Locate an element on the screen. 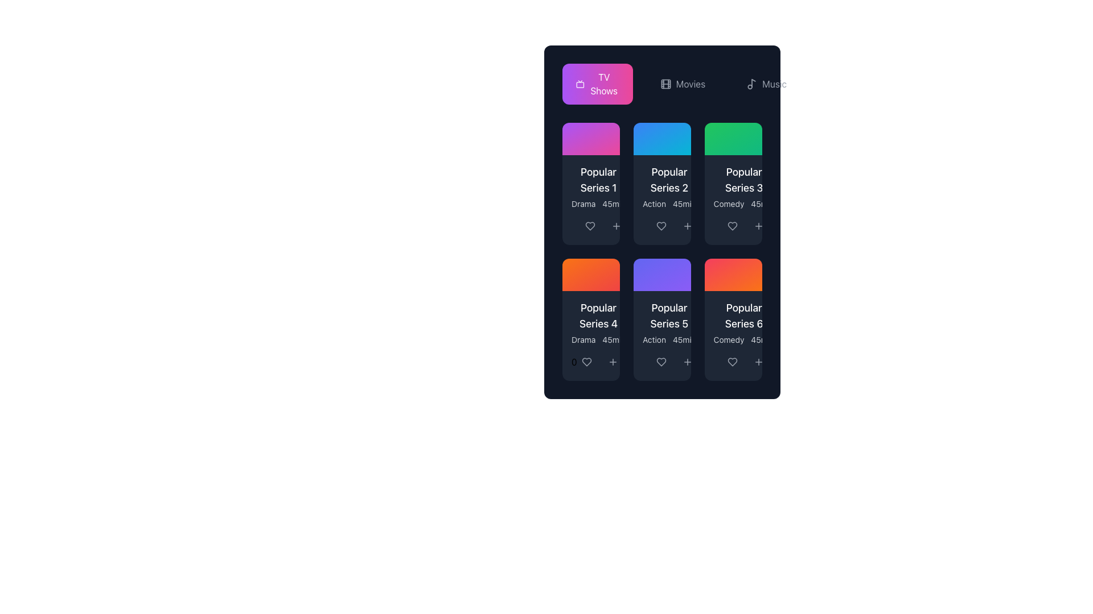 This screenshot has width=1093, height=614. the heart-shaped icon with a hollow outline in the bottom-left corner of the 'Popular Series 3' card to mark it as a favorite is located at coordinates (732, 226).